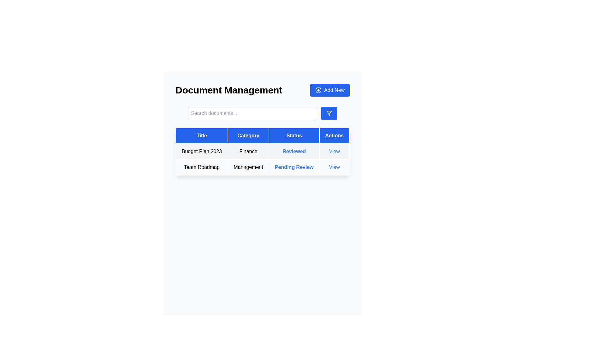  What do you see at coordinates (294, 151) in the screenshot?
I see `the non-interactive Text Label that indicates the document's current review status, located in the 'Status' column of the first row, aligned with 'Budget Plan 2023' and 'Finance'` at bounding box center [294, 151].